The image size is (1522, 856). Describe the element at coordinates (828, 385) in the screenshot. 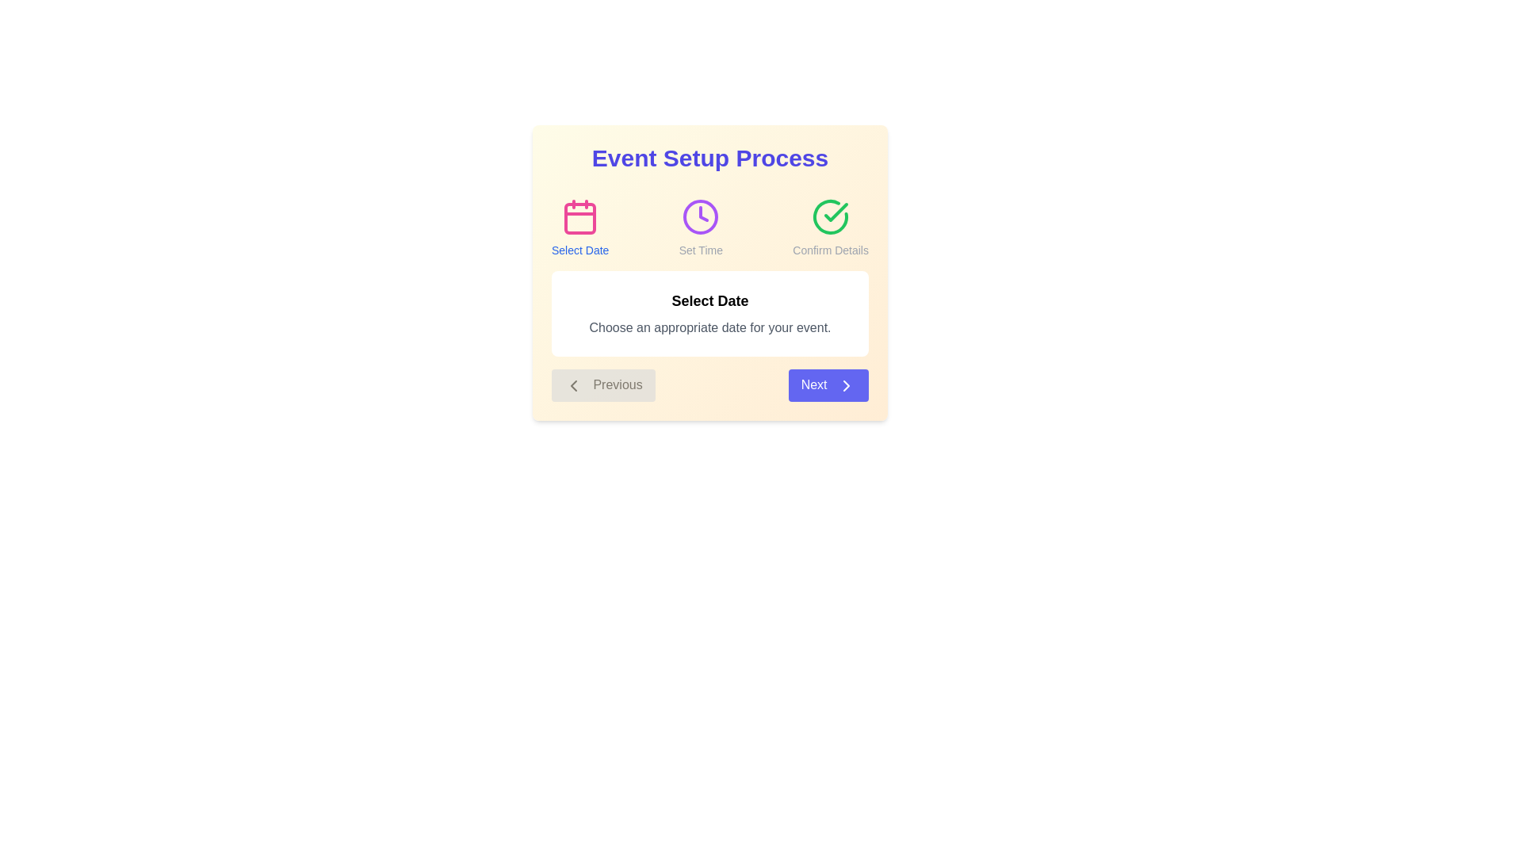

I see `'Next' button to proceed to the next step` at that location.